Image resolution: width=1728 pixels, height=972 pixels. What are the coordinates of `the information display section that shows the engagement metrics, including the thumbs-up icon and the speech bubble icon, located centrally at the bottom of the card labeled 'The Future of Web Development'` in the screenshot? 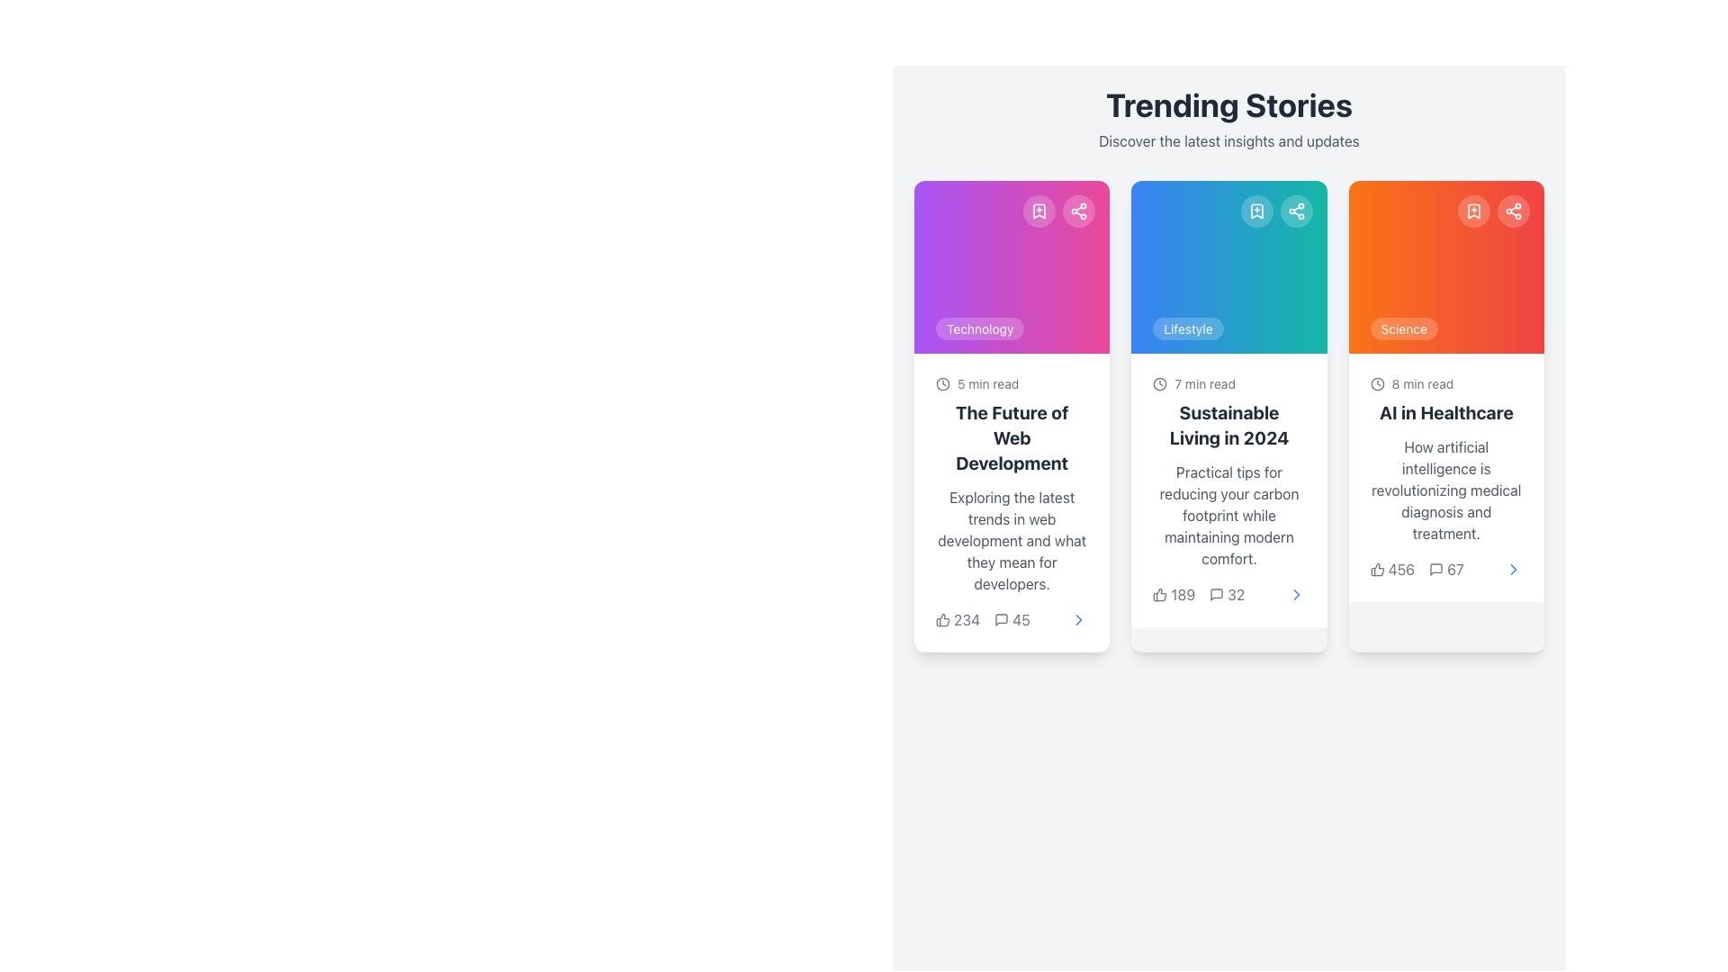 It's located at (982, 619).